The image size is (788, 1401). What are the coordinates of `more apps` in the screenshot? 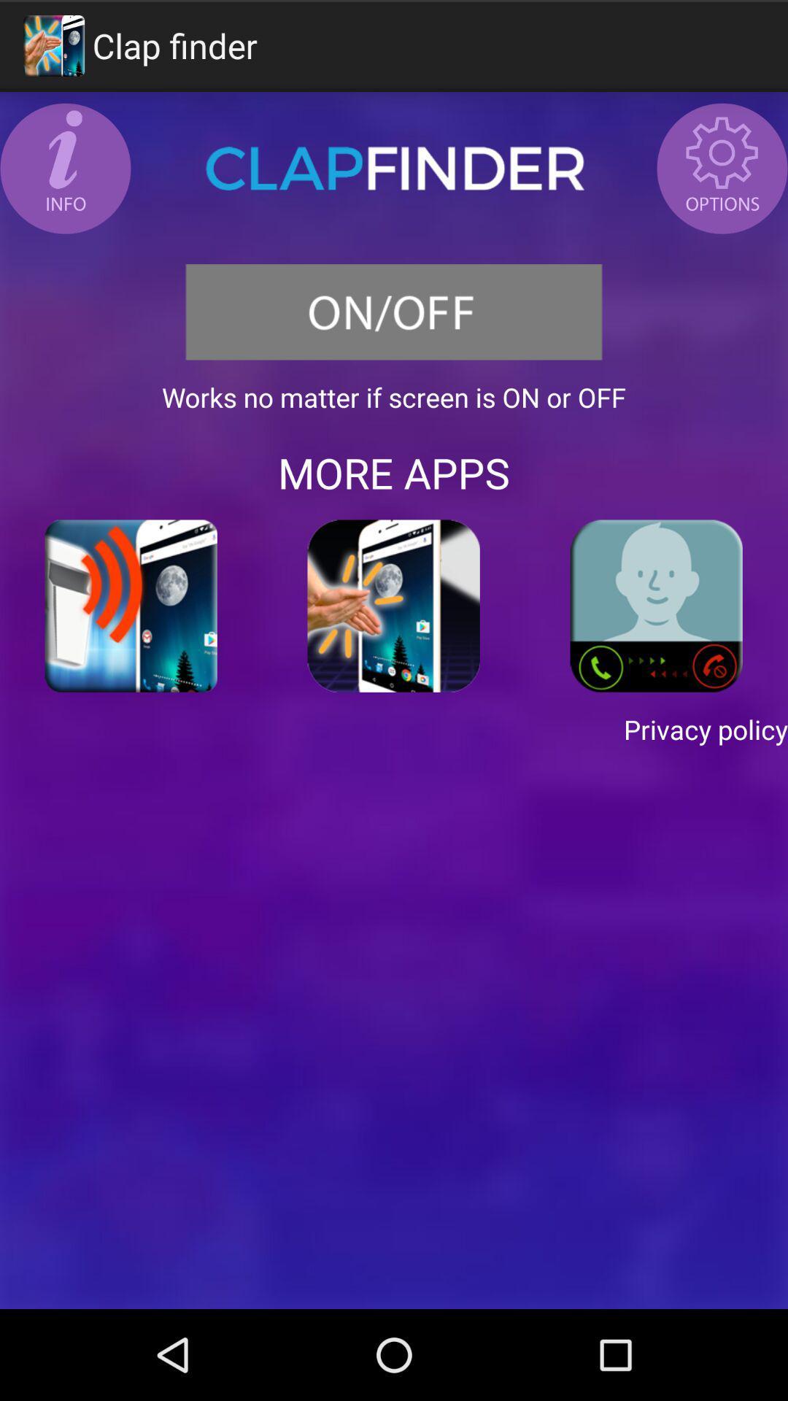 It's located at (394, 606).